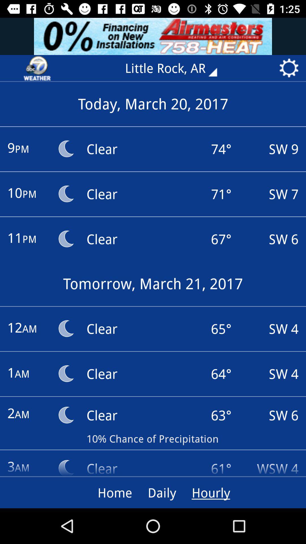  I want to click on advertisement, so click(153, 36).